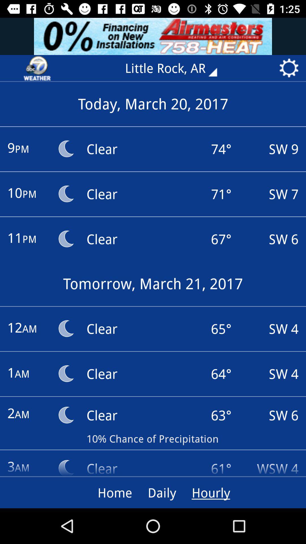  I want to click on advertisement, so click(153, 36).